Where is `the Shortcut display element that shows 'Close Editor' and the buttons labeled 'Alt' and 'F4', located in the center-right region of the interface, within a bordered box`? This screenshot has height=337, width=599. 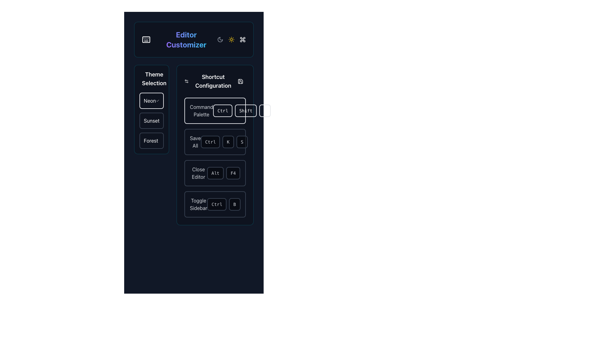
the Shortcut display element that shows 'Close Editor' and the buttons labeled 'Alt' and 'F4', located in the center-right region of the interface, within a bordered box is located at coordinates (215, 173).